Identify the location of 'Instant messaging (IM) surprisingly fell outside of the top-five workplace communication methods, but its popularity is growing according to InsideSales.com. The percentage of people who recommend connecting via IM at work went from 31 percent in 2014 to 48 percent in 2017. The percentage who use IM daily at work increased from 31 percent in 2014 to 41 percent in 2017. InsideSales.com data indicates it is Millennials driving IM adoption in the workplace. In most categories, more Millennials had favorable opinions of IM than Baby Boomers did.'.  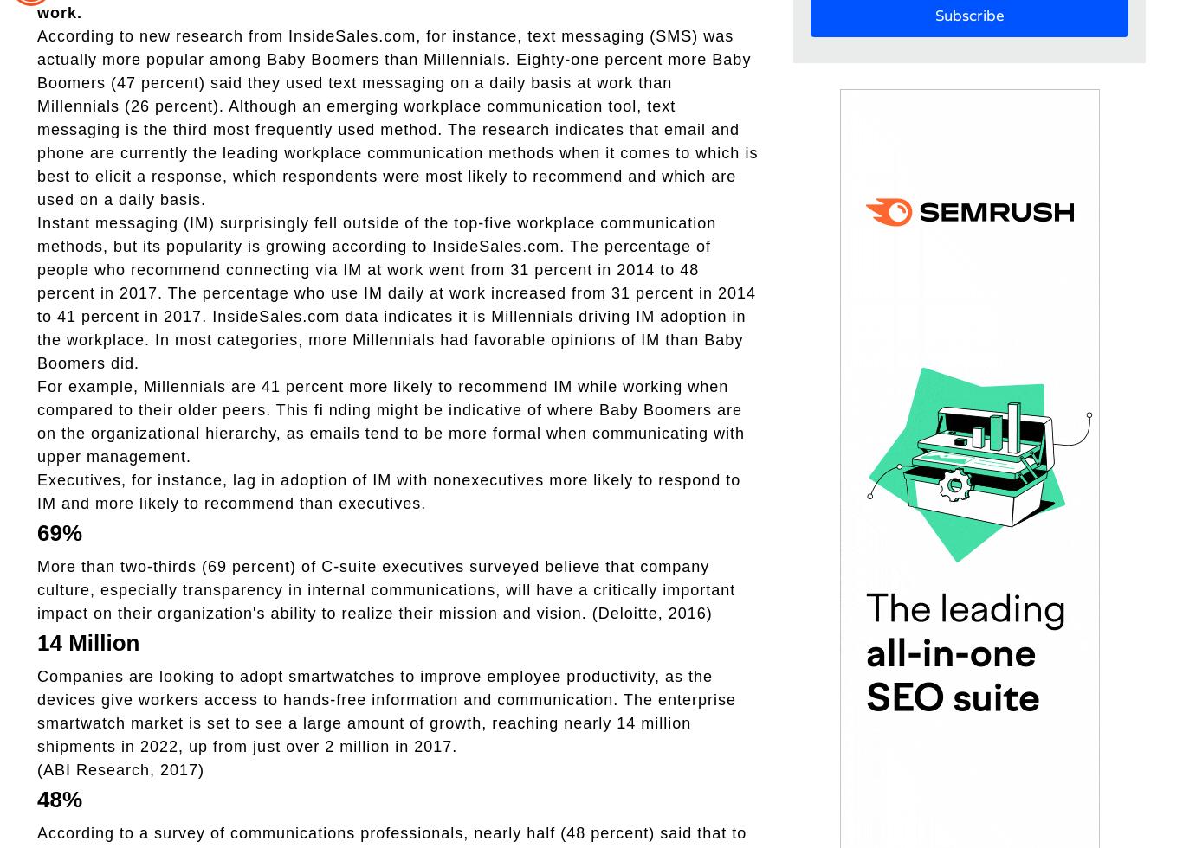
(397, 292).